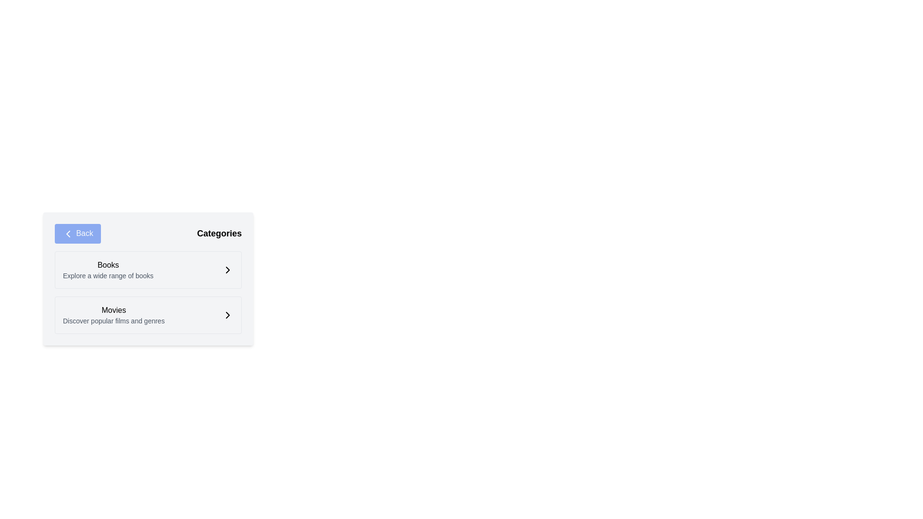 Image resolution: width=923 pixels, height=519 pixels. I want to click on the informational text block titled 'Books', so click(108, 270).